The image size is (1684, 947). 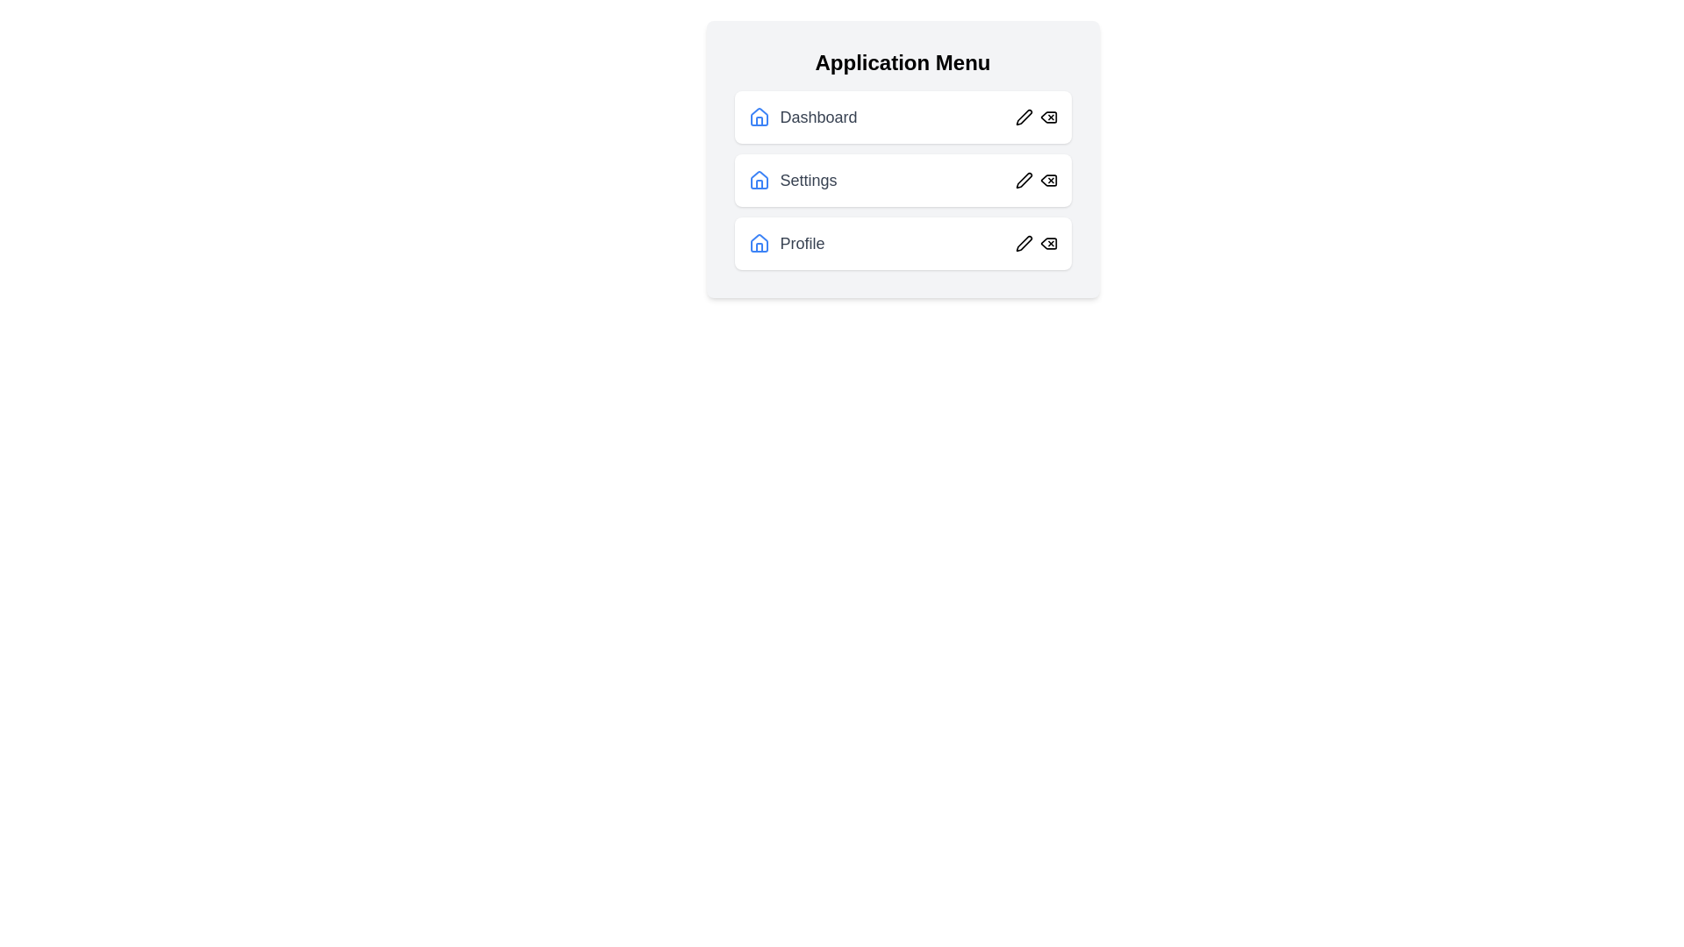 I want to click on the 'Dashboard' text element, which is styled in medium-large gray sans-serif font and located in the Application Menu section, right of the blue house-shaped icon, so click(x=817, y=117).